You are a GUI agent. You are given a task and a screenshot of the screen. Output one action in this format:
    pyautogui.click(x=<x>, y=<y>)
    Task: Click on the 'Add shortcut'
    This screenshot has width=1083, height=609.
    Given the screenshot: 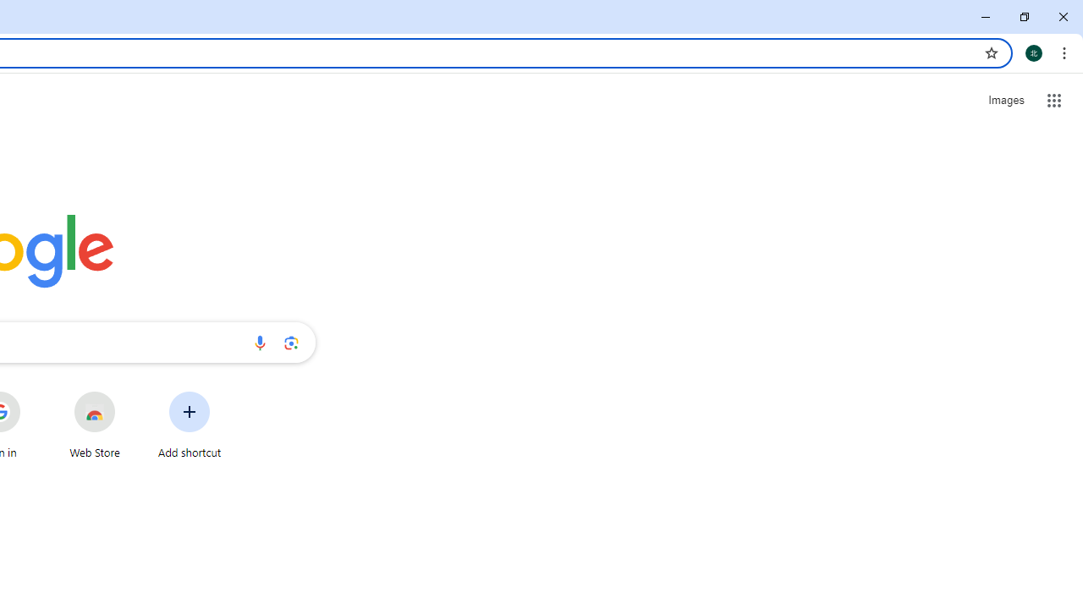 What is the action you would take?
    pyautogui.click(x=190, y=424)
    